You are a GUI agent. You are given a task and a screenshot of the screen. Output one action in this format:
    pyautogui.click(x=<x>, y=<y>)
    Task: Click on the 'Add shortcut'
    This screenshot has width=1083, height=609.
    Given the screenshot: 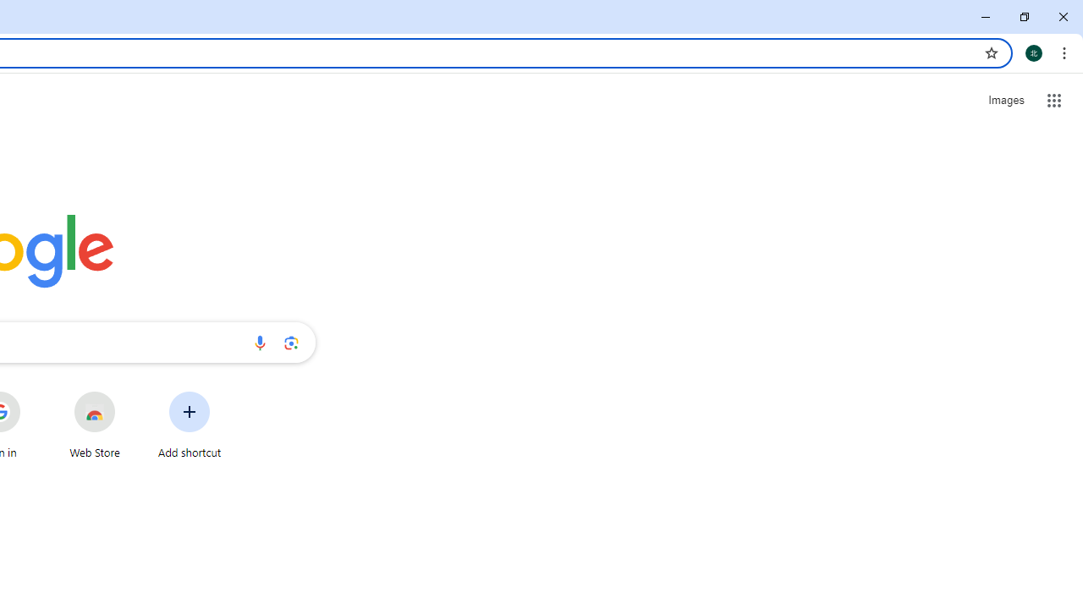 What is the action you would take?
    pyautogui.click(x=190, y=424)
    